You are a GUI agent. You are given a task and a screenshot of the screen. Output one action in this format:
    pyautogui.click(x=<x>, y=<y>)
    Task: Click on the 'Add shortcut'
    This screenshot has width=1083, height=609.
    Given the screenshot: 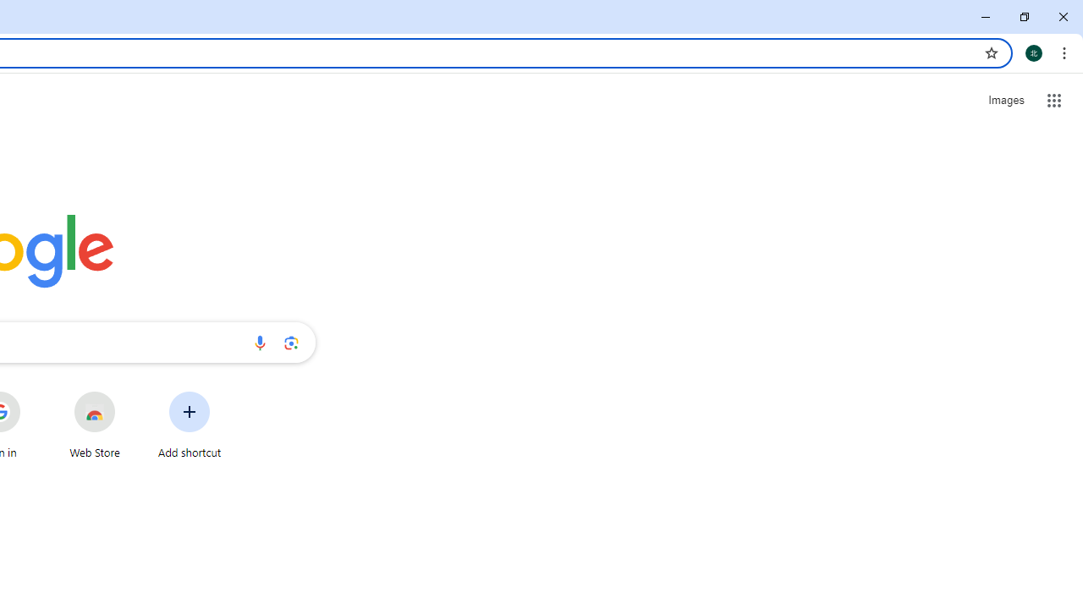 What is the action you would take?
    pyautogui.click(x=190, y=424)
    